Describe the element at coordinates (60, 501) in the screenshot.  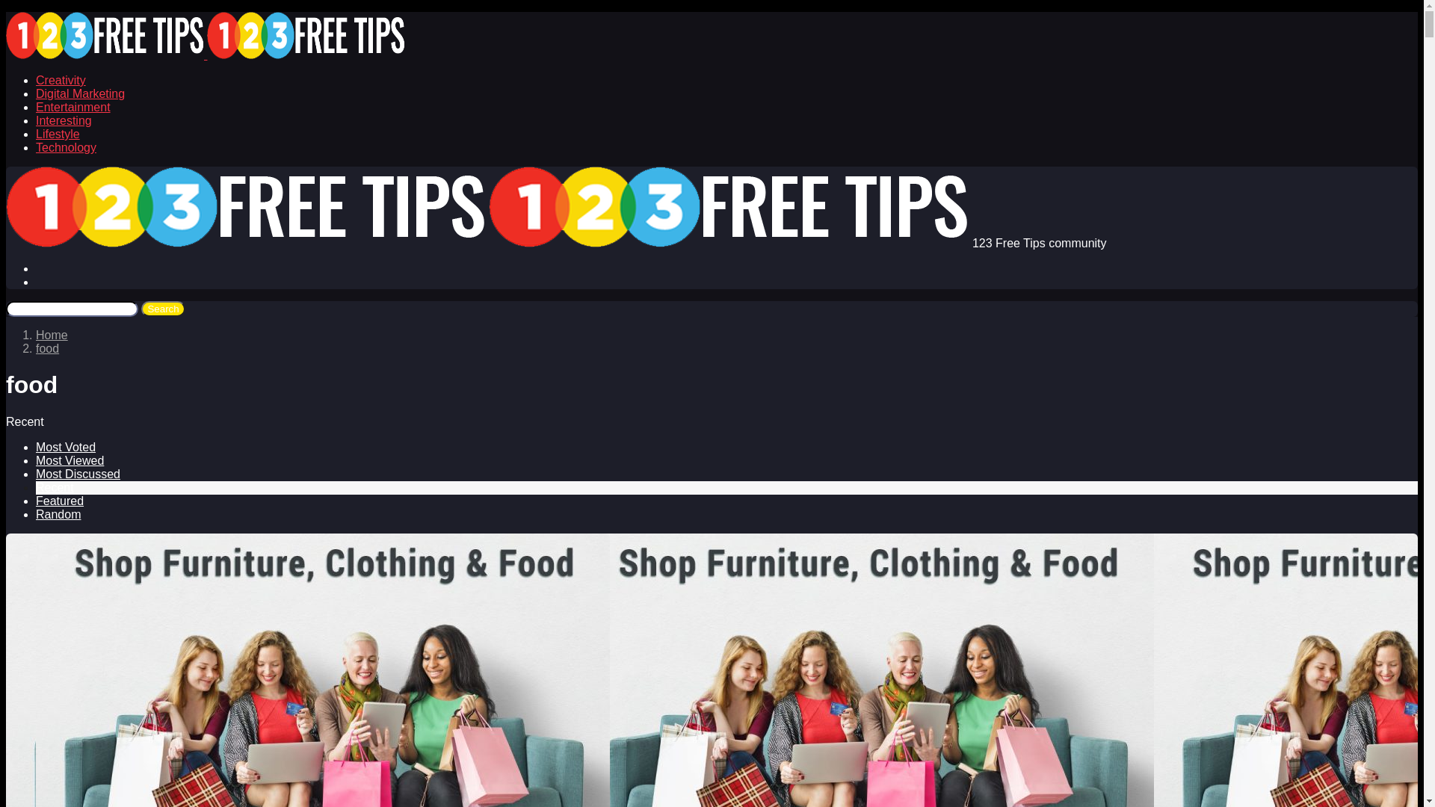
I see `'Featured'` at that location.